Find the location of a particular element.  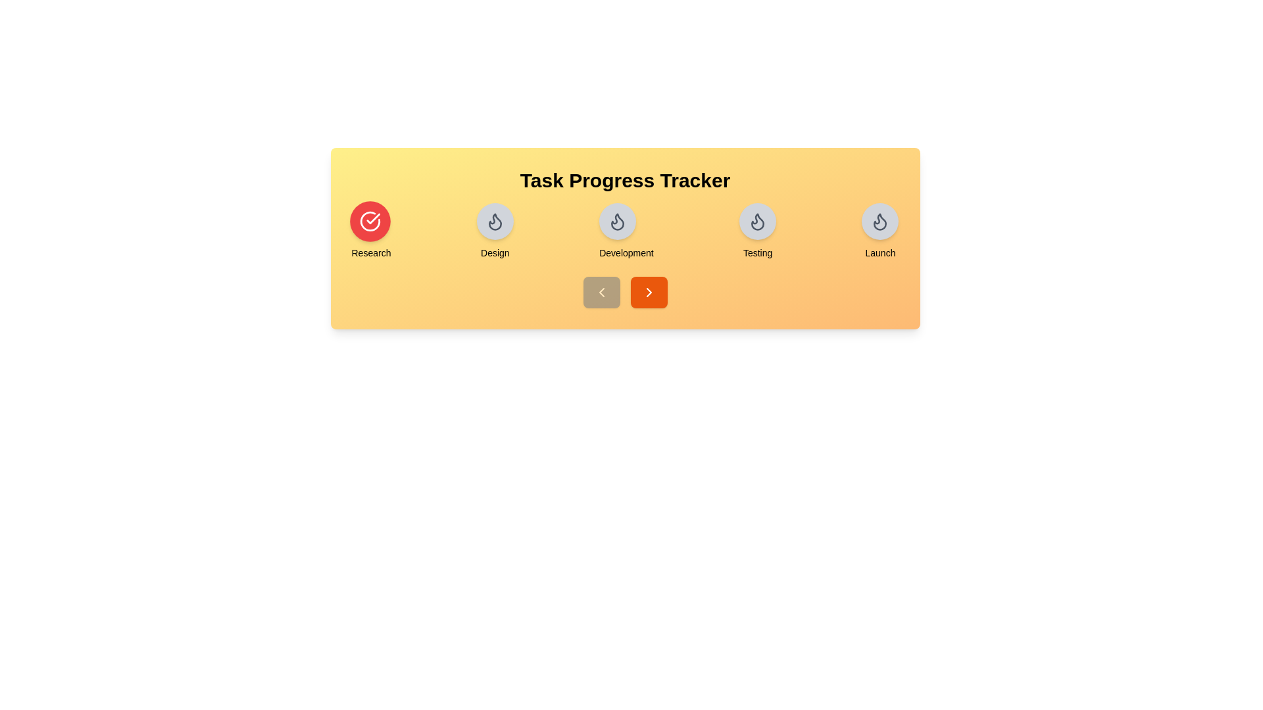

the flame-shaped icon with a thin outline, located in the third column beneath the 'Development' label is located at coordinates (880, 221).